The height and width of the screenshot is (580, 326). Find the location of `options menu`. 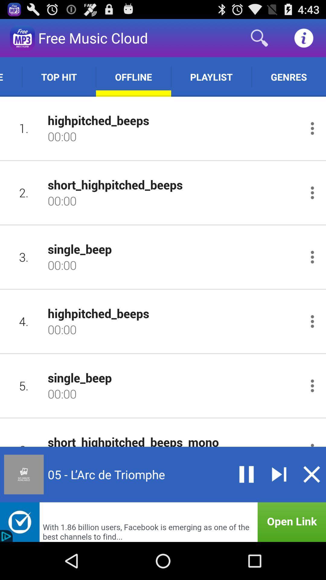

options menu is located at coordinates (312, 192).